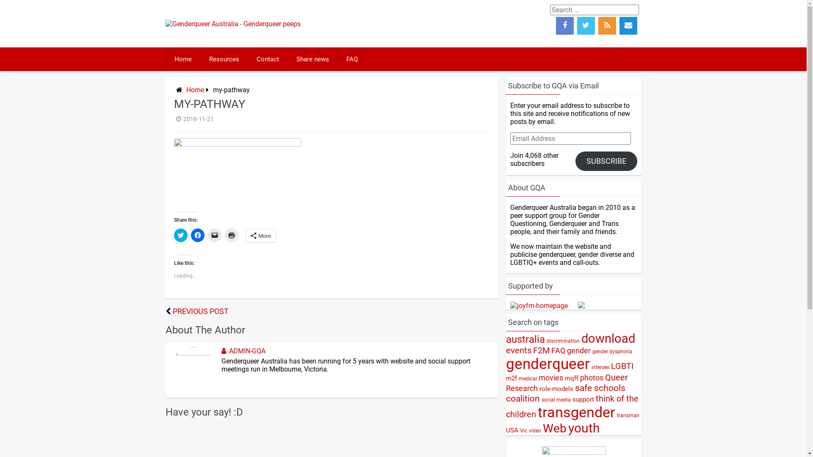  What do you see at coordinates (583, 428) in the screenshot?
I see `'youth'` at bounding box center [583, 428].